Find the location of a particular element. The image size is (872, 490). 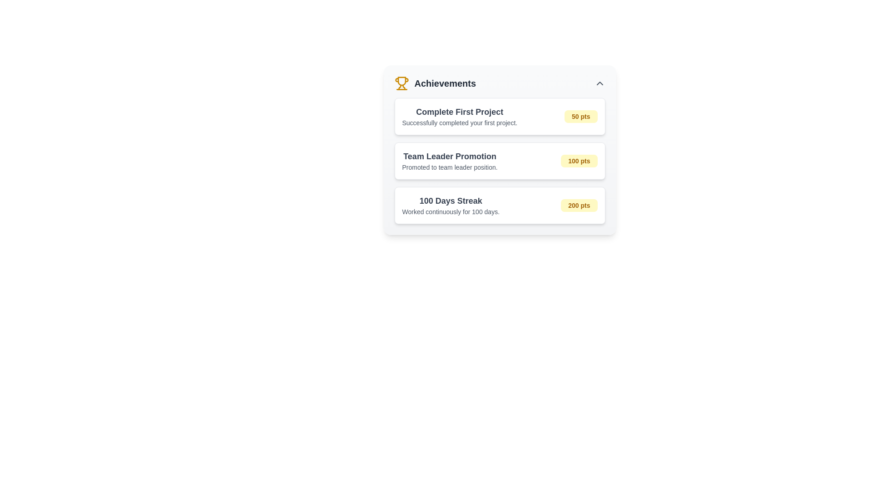

the text label that reads 'Worked continuously for 100 days.' located beneath the heading '100 Days Streak' in the 'Achievements' section is located at coordinates (451, 211).